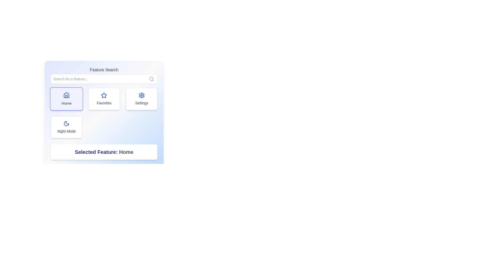 The image size is (493, 277). I want to click on the 'Feature Search' label, which is a medium-weight gray text heading located at the top of the interface above the search input field, so click(104, 70).